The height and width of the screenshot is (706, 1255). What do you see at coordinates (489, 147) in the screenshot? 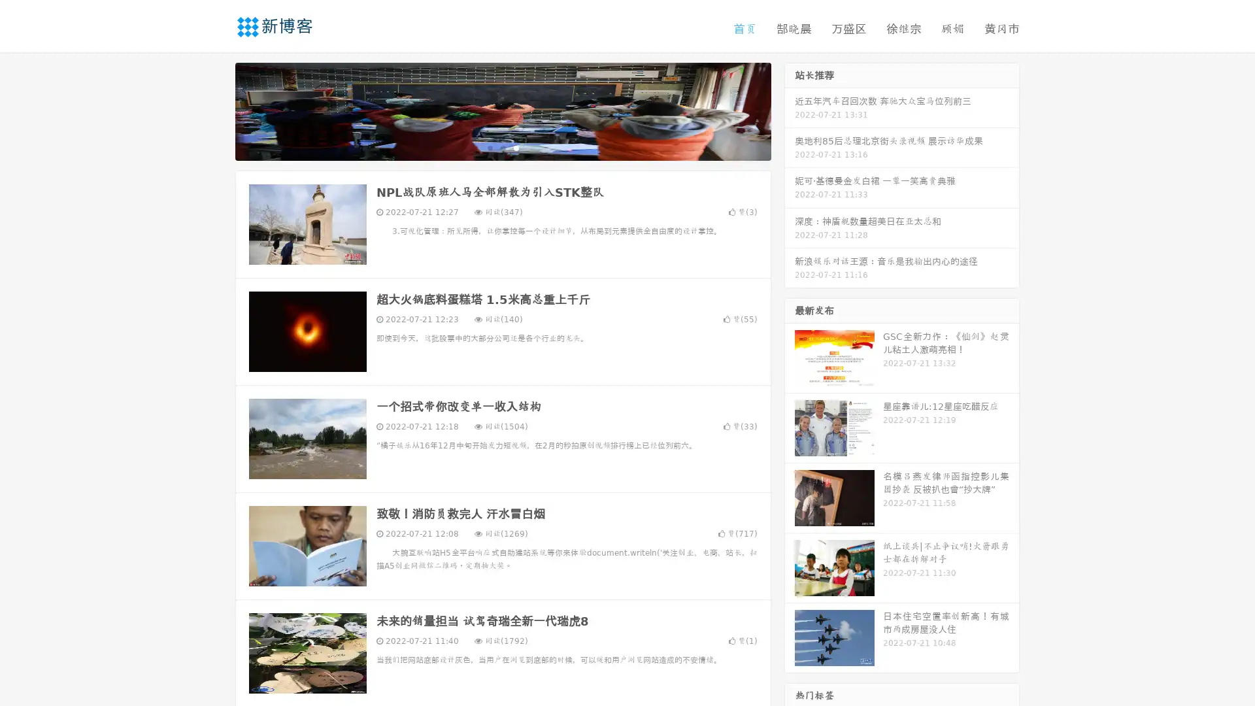
I see `Go to slide 1` at bounding box center [489, 147].